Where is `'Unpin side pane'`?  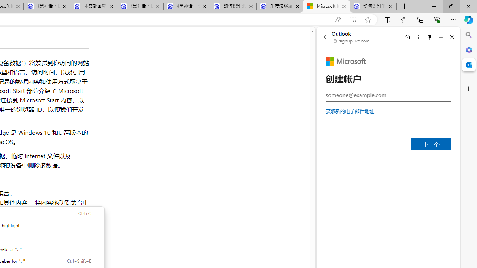
'Unpin side pane' is located at coordinates (430, 37).